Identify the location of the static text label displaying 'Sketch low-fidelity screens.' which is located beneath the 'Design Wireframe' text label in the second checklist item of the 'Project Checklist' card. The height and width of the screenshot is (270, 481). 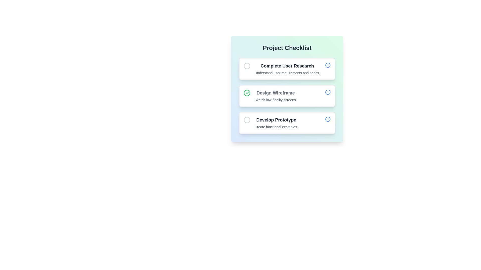
(275, 100).